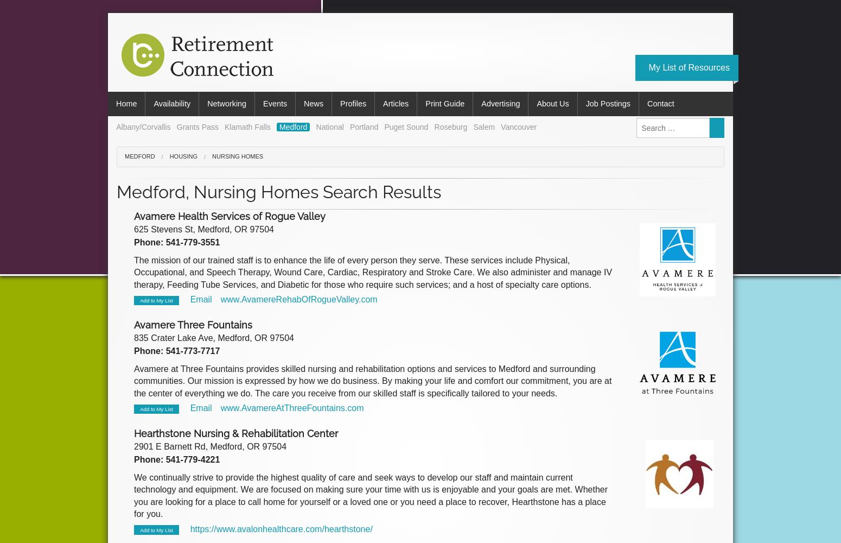  Describe the element at coordinates (203, 229) in the screenshot. I see `'625 Stevens St, Medford, OR 97504'` at that location.